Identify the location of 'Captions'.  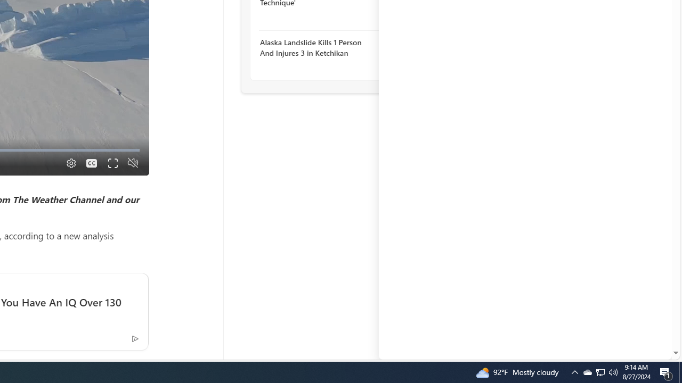
(91, 163).